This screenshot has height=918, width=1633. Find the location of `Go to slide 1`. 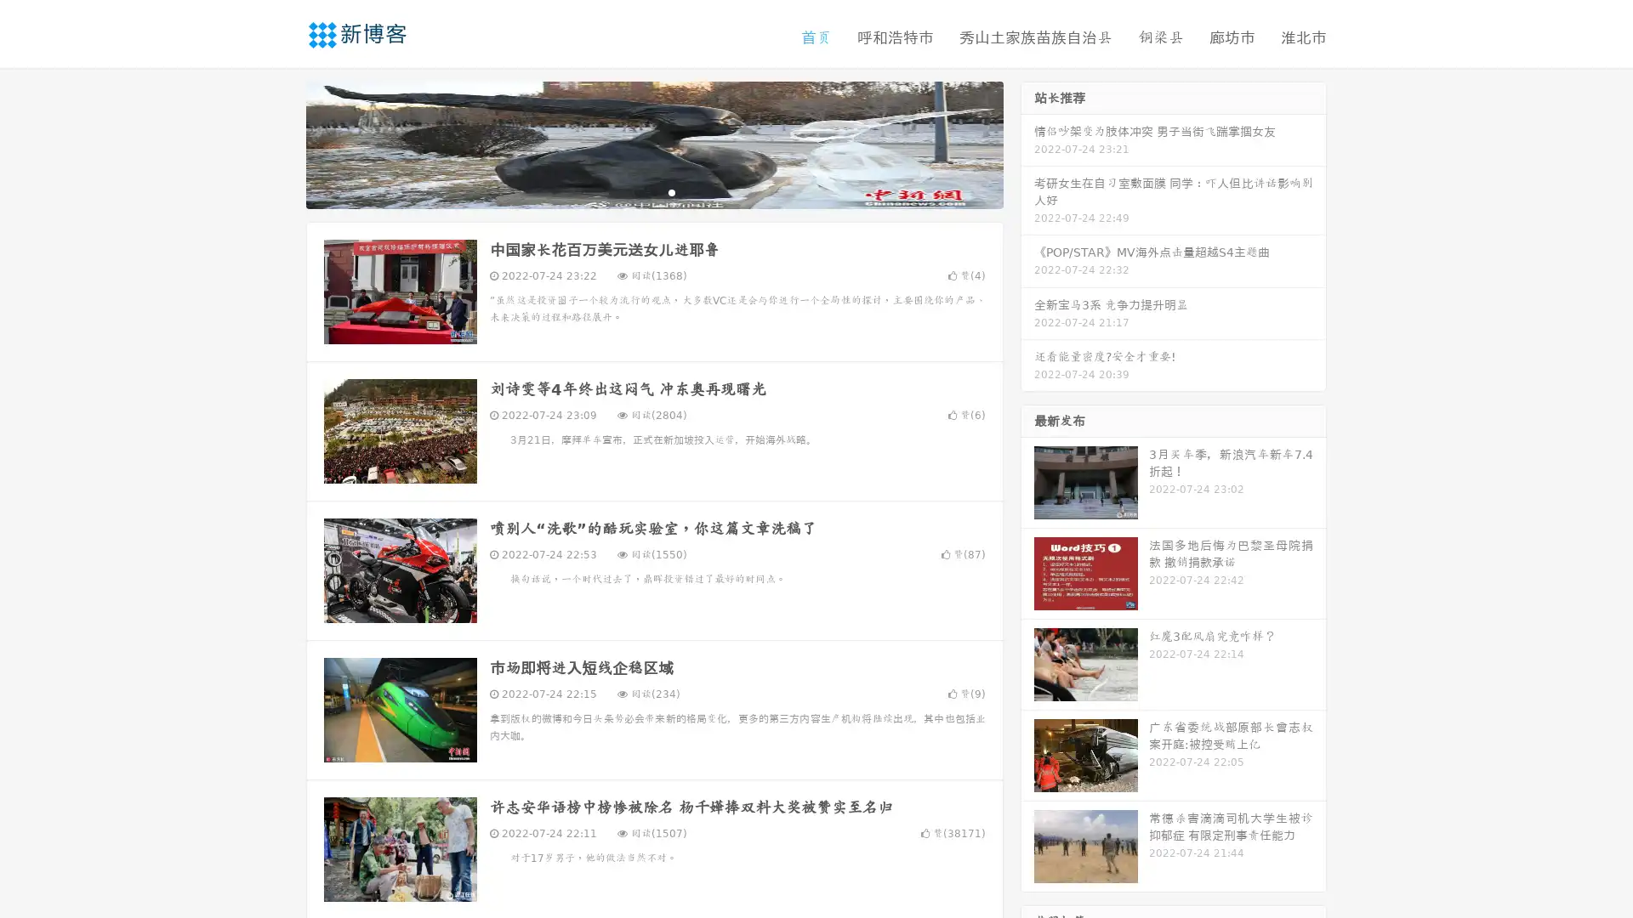

Go to slide 1 is located at coordinates (636, 191).